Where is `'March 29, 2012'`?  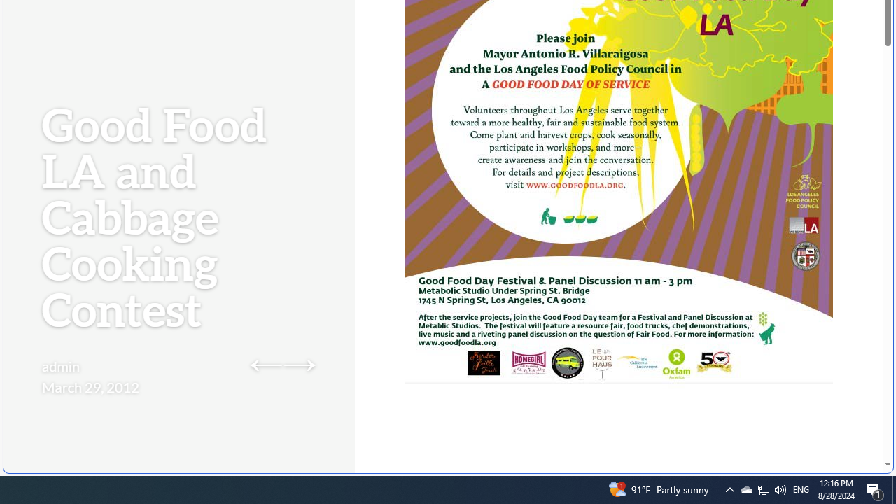 'March 29, 2012' is located at coordinates (90, 386).